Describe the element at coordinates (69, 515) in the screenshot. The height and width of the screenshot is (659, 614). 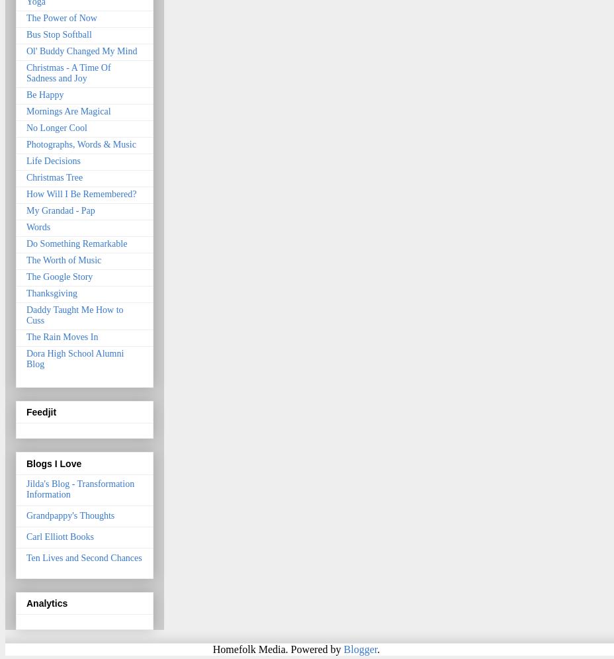
I see `'Grandpappy's Thoughts'` at that location.